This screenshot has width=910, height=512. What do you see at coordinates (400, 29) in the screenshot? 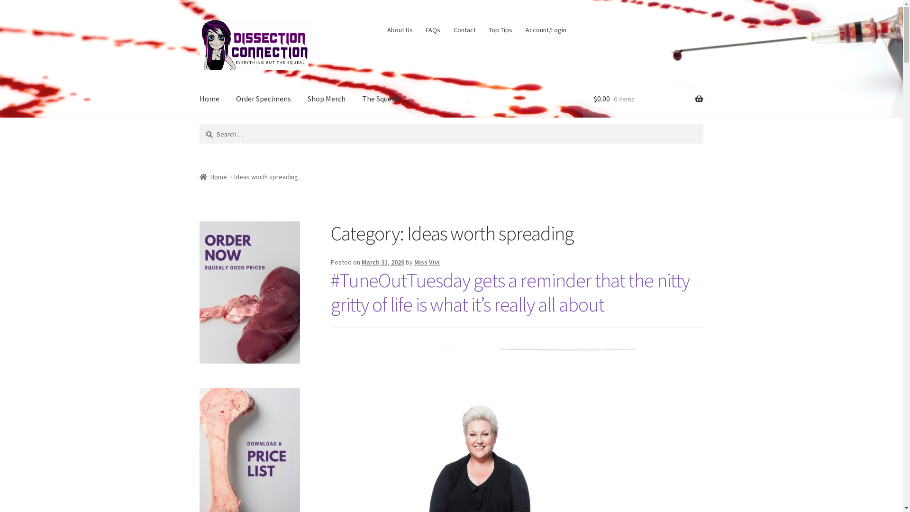
I see `'About Us'` at bounding box center [400, 29].